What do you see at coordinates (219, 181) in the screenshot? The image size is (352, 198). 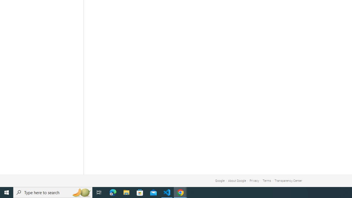 I see `'Google'` at bounding box center [219, 181].